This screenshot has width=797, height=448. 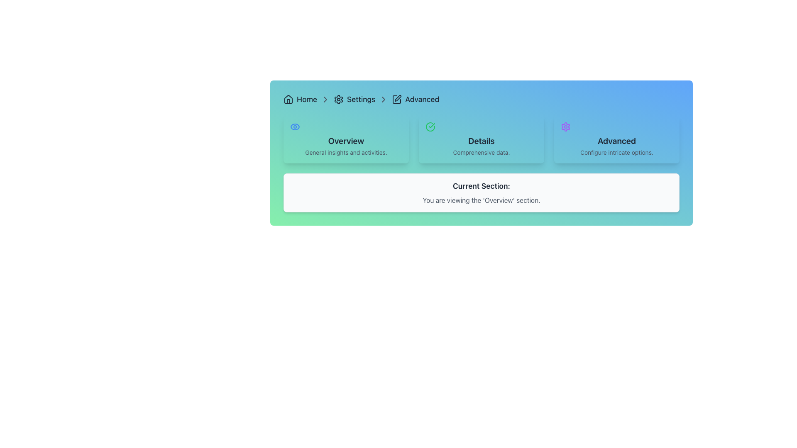 What do you see at coordinates (422, 99) in the screenshot?
I see `the 'Advanced' hyperlink in the breadcrumb navigation menu` at bounding box center [422, 99].